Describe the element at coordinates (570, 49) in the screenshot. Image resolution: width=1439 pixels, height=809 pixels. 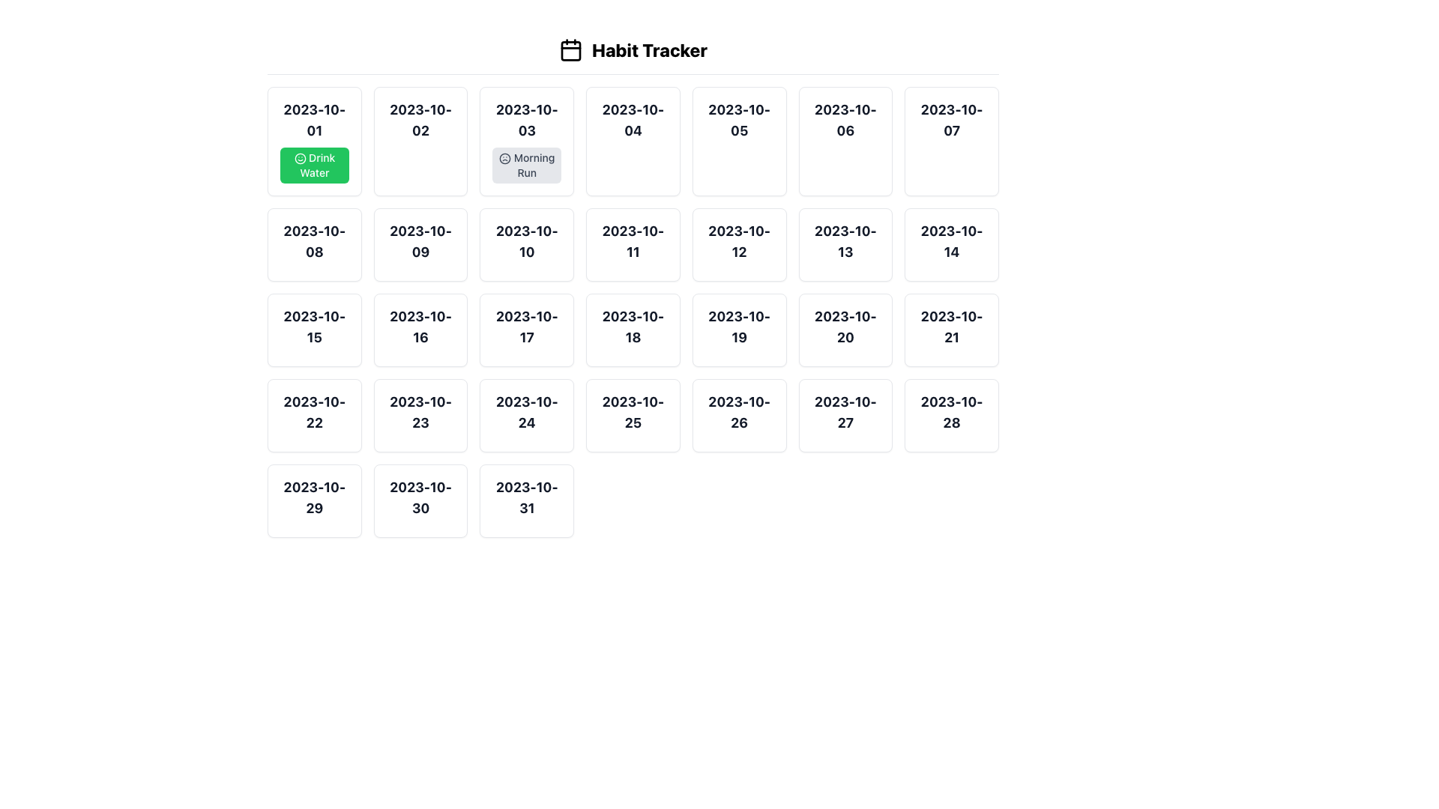
I see `the calendar icon with a black stroke and white background, located next to the 'Habit Tracker' heading at the top of the interface` at that location.